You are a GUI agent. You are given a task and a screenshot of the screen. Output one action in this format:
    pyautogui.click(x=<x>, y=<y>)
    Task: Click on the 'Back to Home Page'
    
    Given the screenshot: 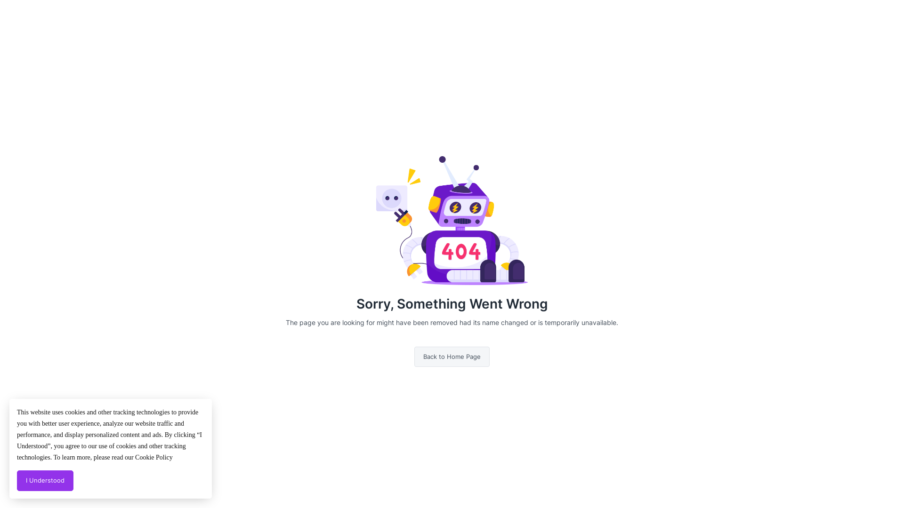 What is the action you would take?
    pyautogui.click(x=452, y=357)
    